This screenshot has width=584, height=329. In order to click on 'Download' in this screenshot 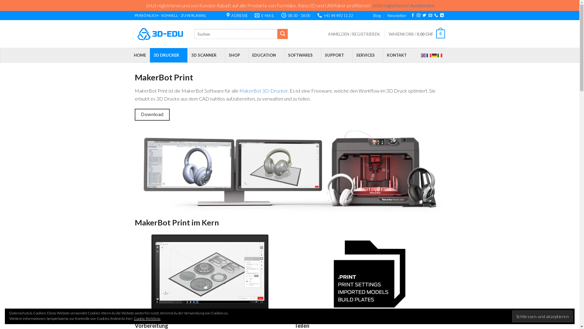, I will do `click(152, 115)`.